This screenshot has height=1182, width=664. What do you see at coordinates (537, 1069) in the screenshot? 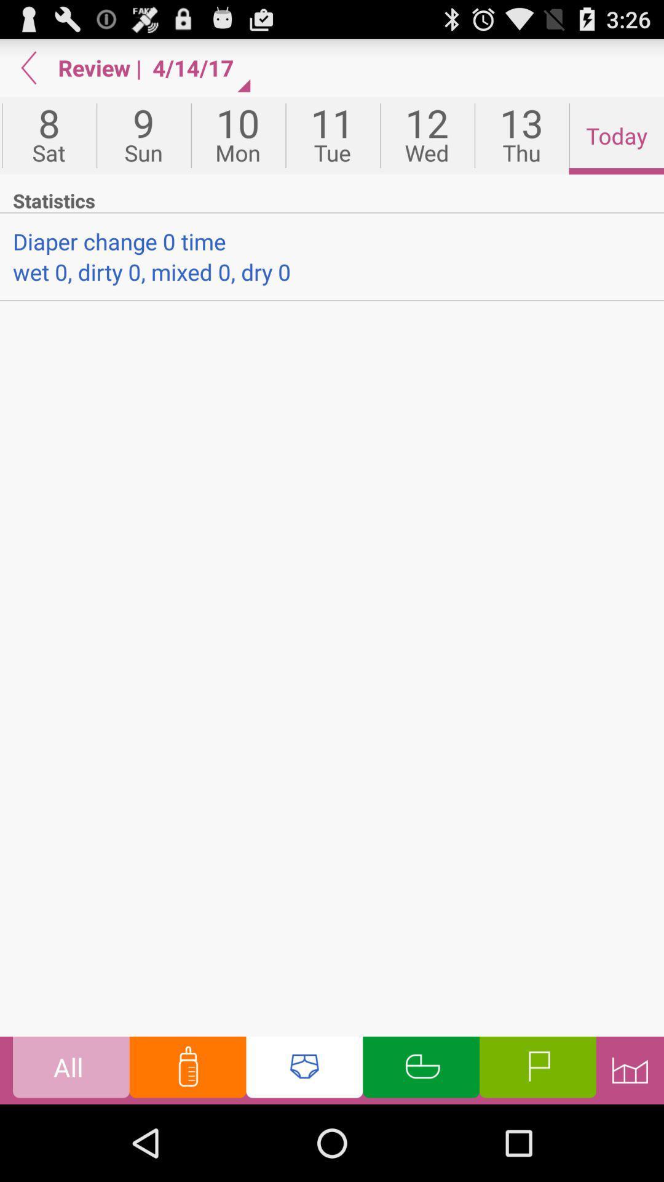
I see `flag option` at bounding box center [537, 1069].